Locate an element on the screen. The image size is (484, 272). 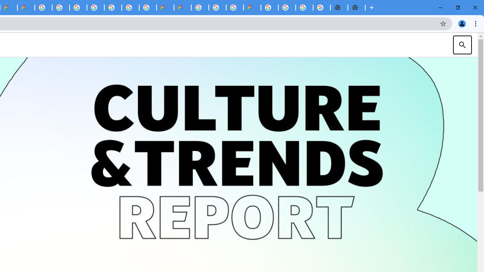
'Google Cloud Platform' is located at coordinates (269, 8).